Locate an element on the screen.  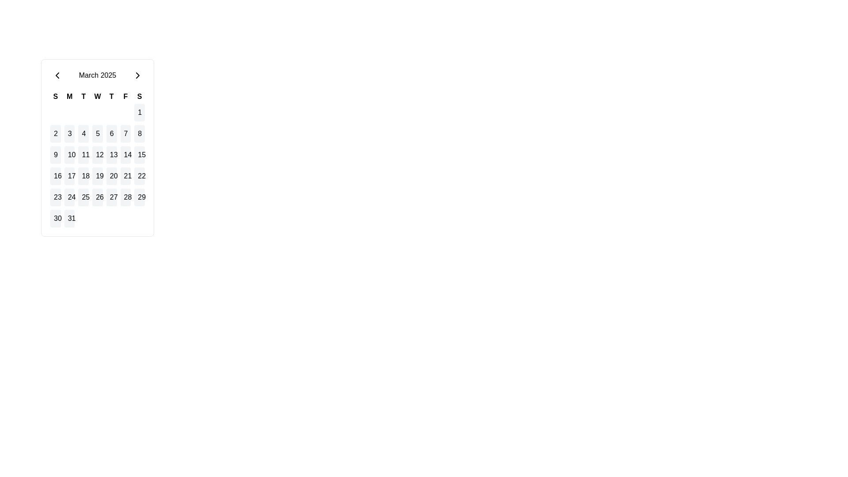
the left arrow icon button located to the left of the month display ('March 2025') in the calendar interface is located at coordinates (57, 75).